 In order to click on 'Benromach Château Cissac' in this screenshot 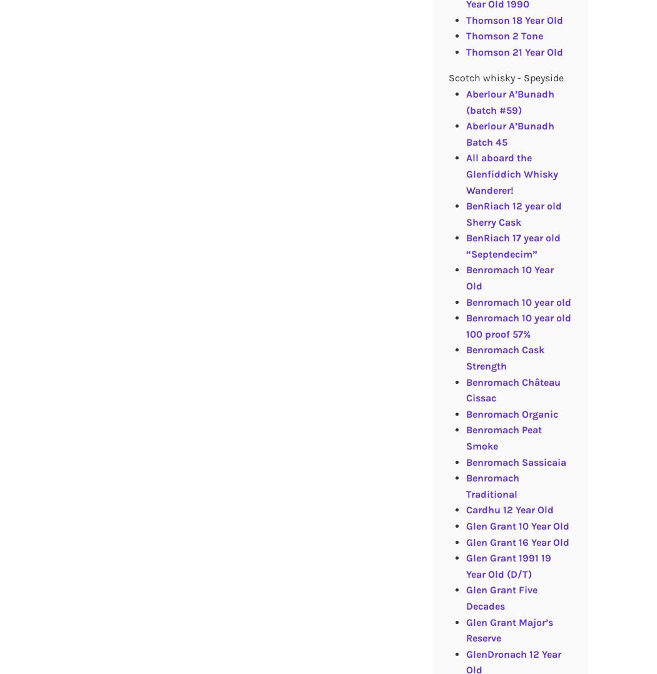, I will do `click(512, 389)`.